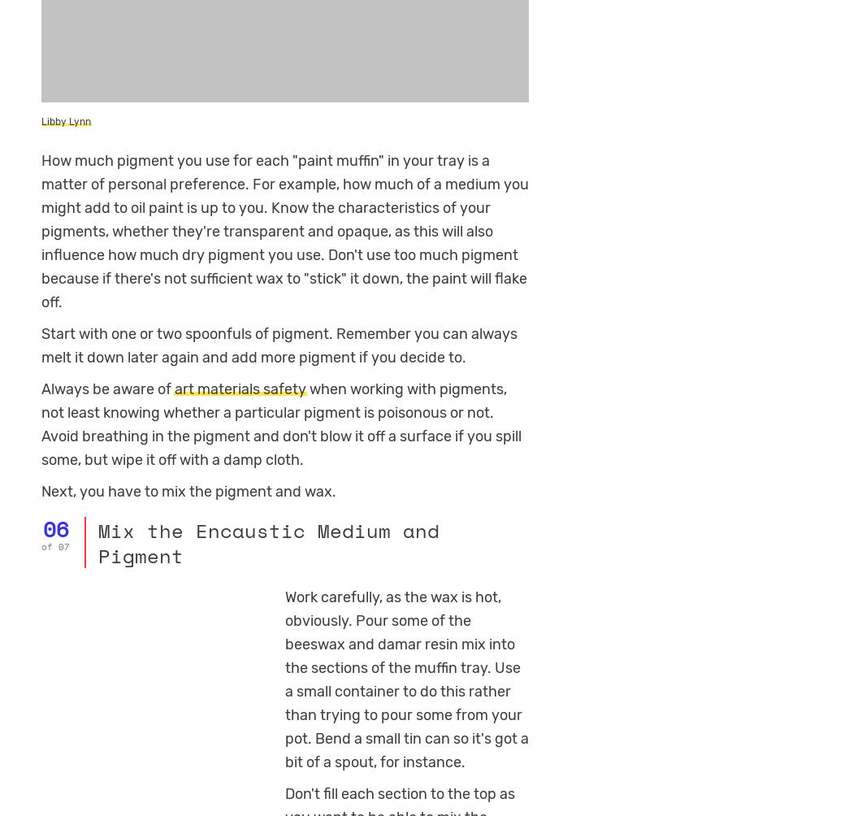 Image resolution: width=853 pixels, height=816 pixels. I want to click on 'Next, you have to mix the pigment and wax.', so click(41, 492).